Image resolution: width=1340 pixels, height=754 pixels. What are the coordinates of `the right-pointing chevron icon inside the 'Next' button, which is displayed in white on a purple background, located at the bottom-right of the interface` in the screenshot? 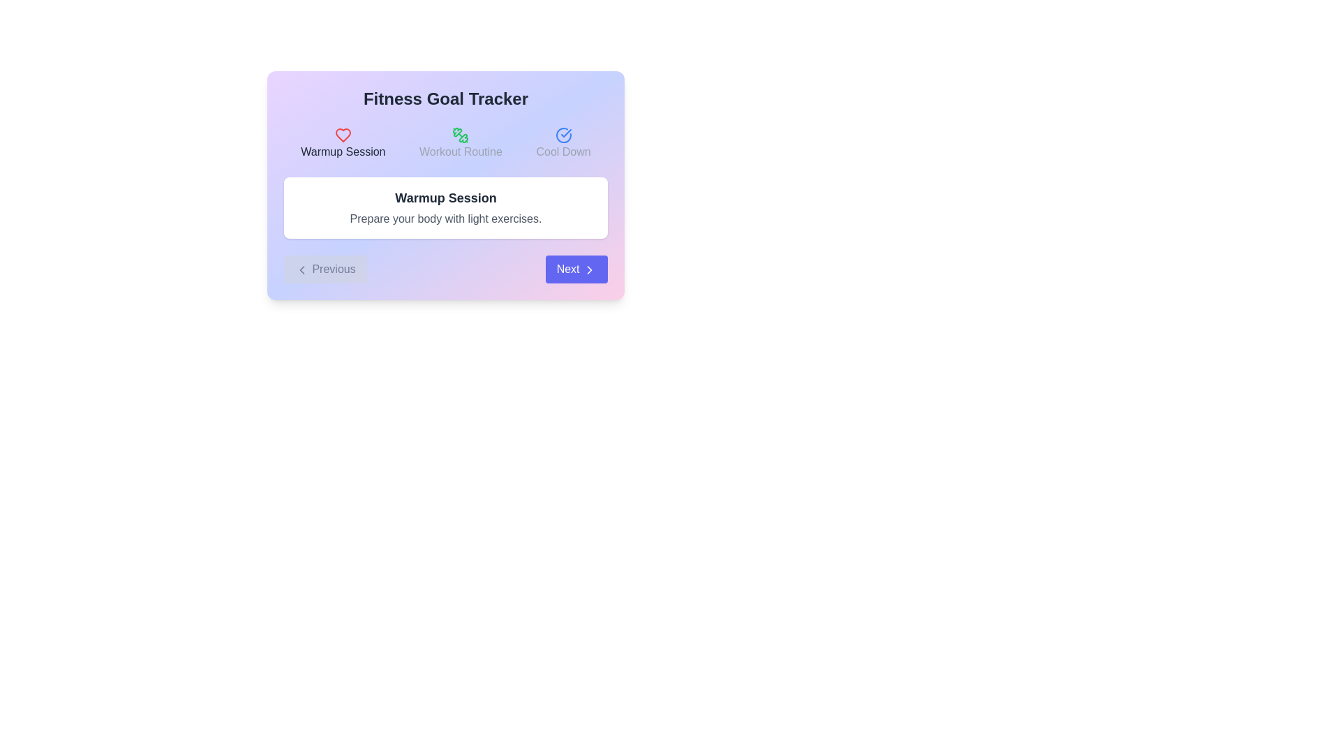 It's located at (589, 269).